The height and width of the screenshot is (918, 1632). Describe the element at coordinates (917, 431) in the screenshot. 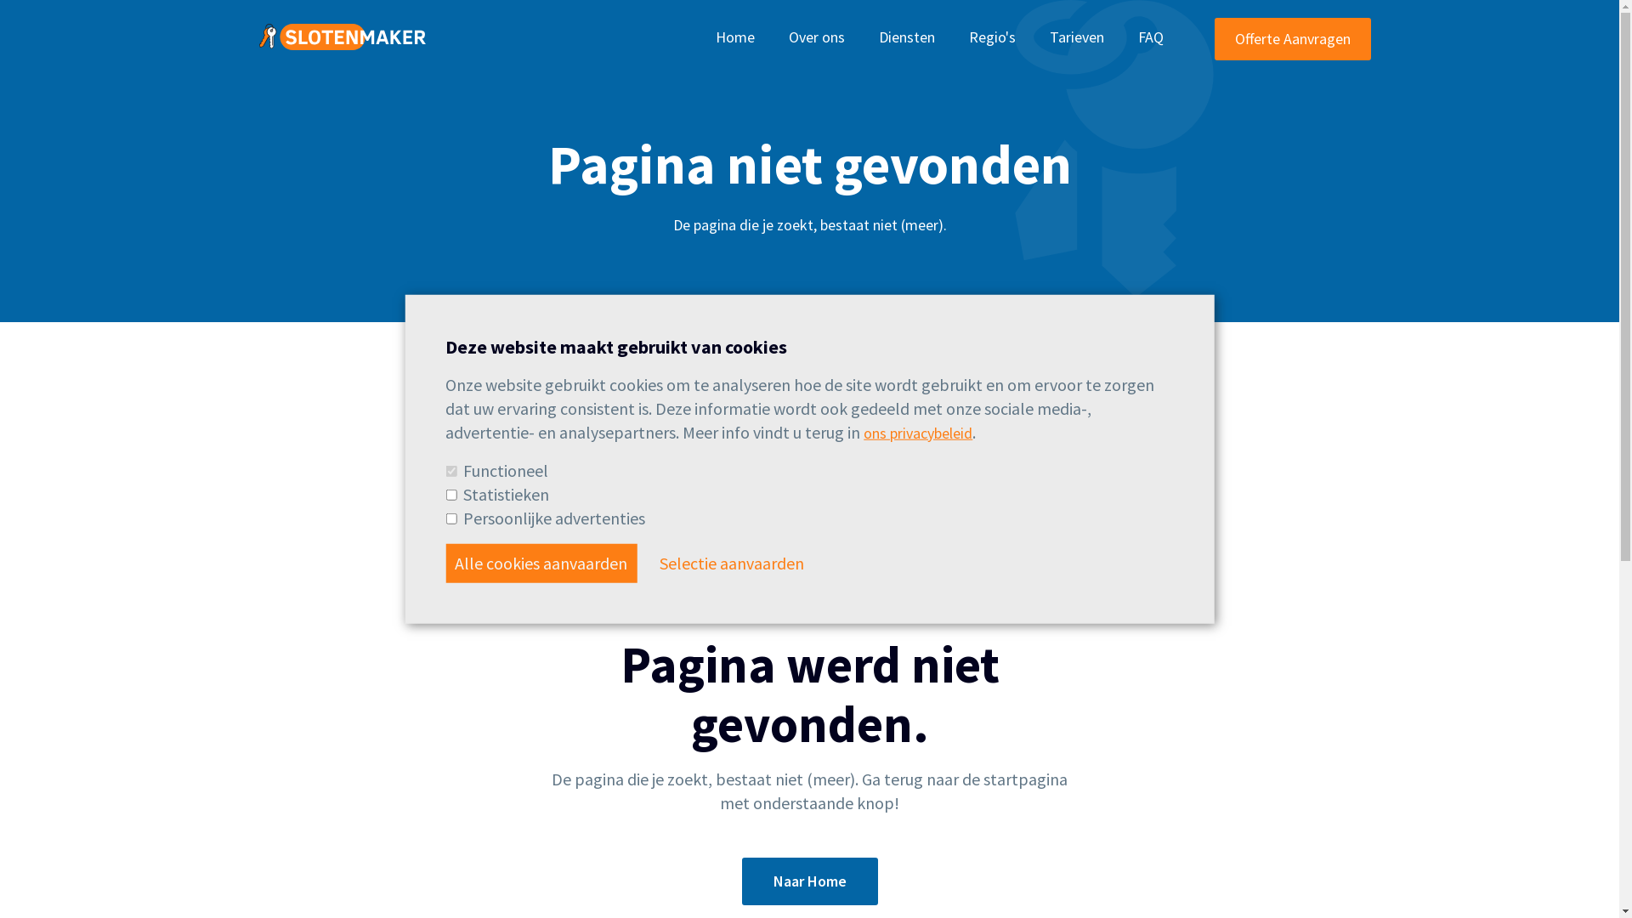

I see `'ons privacybeleid'` at that location.